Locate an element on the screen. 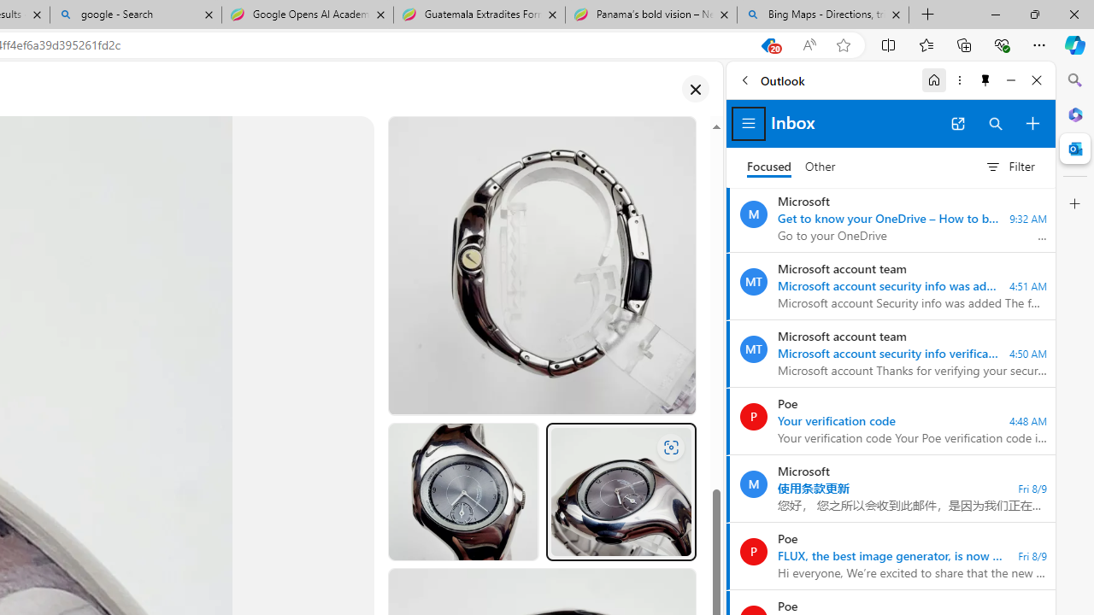 The image size is (1094, 615). 'Split screen' is located at coordinates (889, 44).